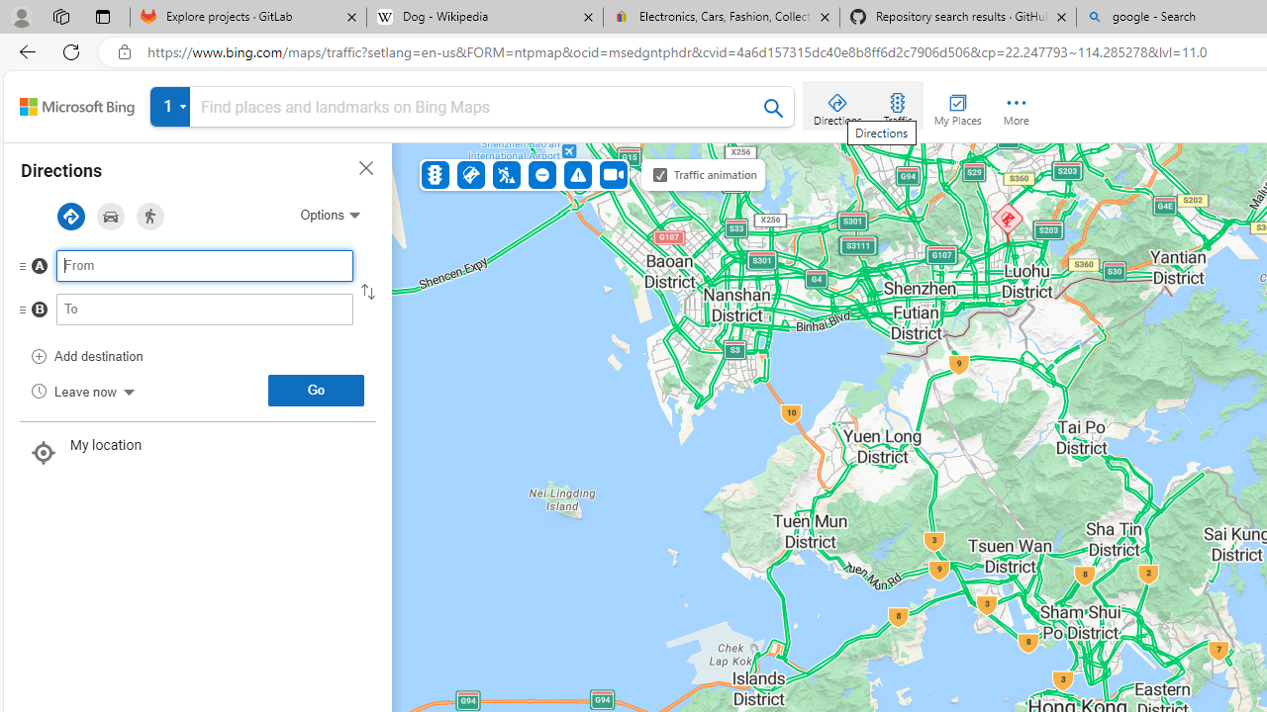 This screenshot has height=712, width=1267. Describe the element at coordinates (330, 215) in the screenshot. I see `'Options'` at that location.